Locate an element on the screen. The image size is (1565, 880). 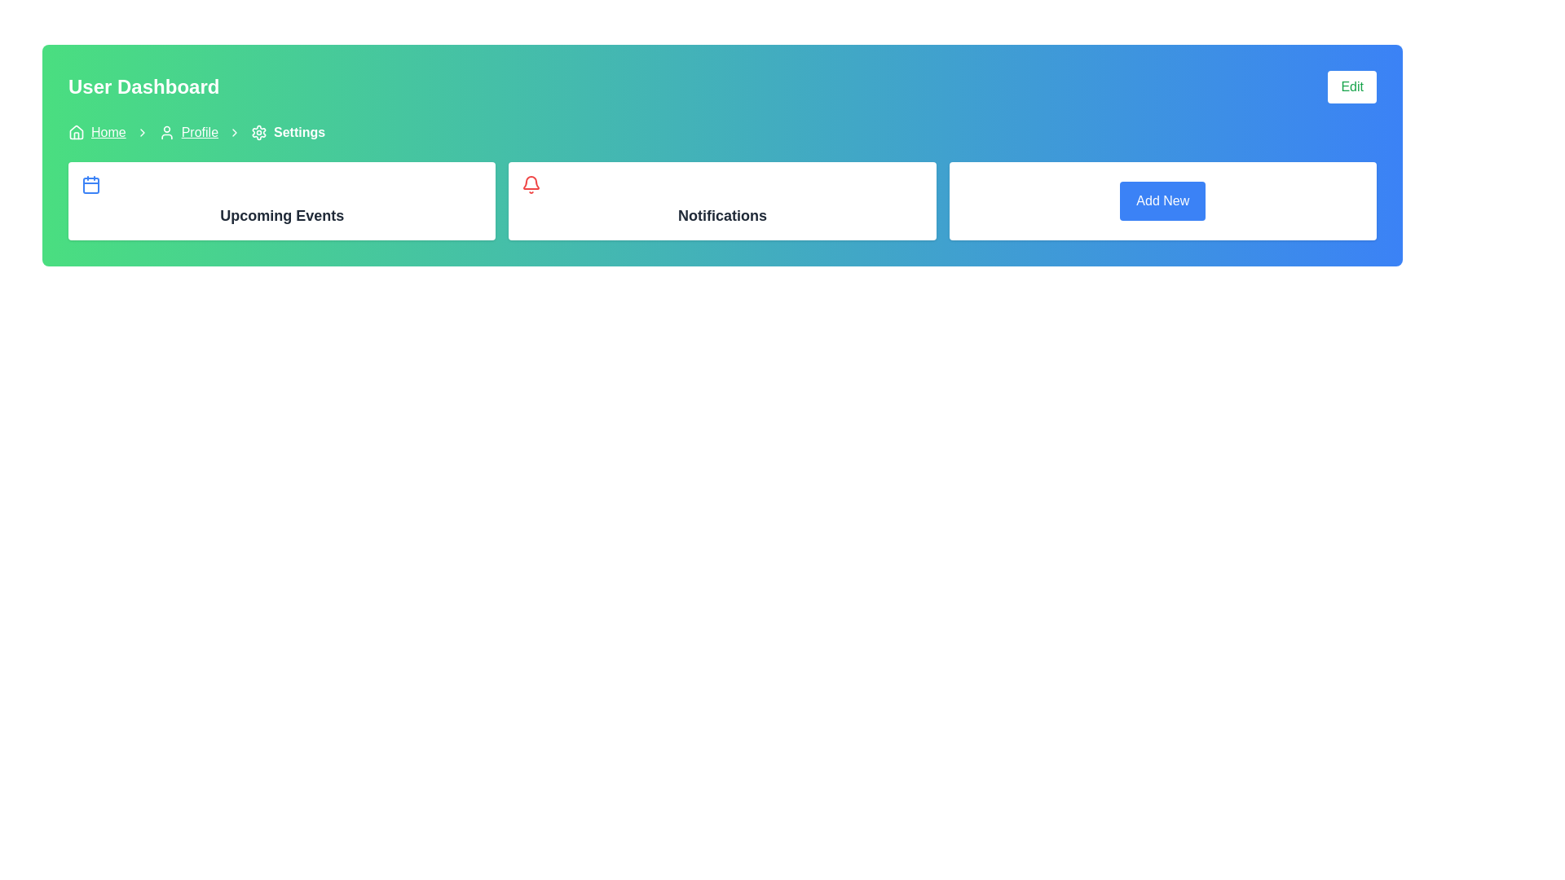
the green gear-shaped icon in the breadcrumb navigation section is located at coordinates (258, 131).